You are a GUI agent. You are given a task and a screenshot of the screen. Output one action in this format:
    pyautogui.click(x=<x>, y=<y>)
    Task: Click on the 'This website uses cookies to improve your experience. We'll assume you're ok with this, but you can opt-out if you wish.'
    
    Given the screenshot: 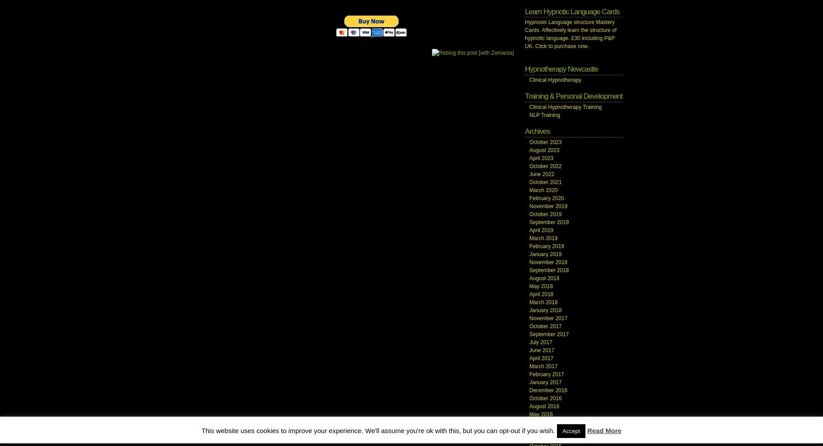 What is the action you would take?
    pyautogui.click(x=378, y=430)
    